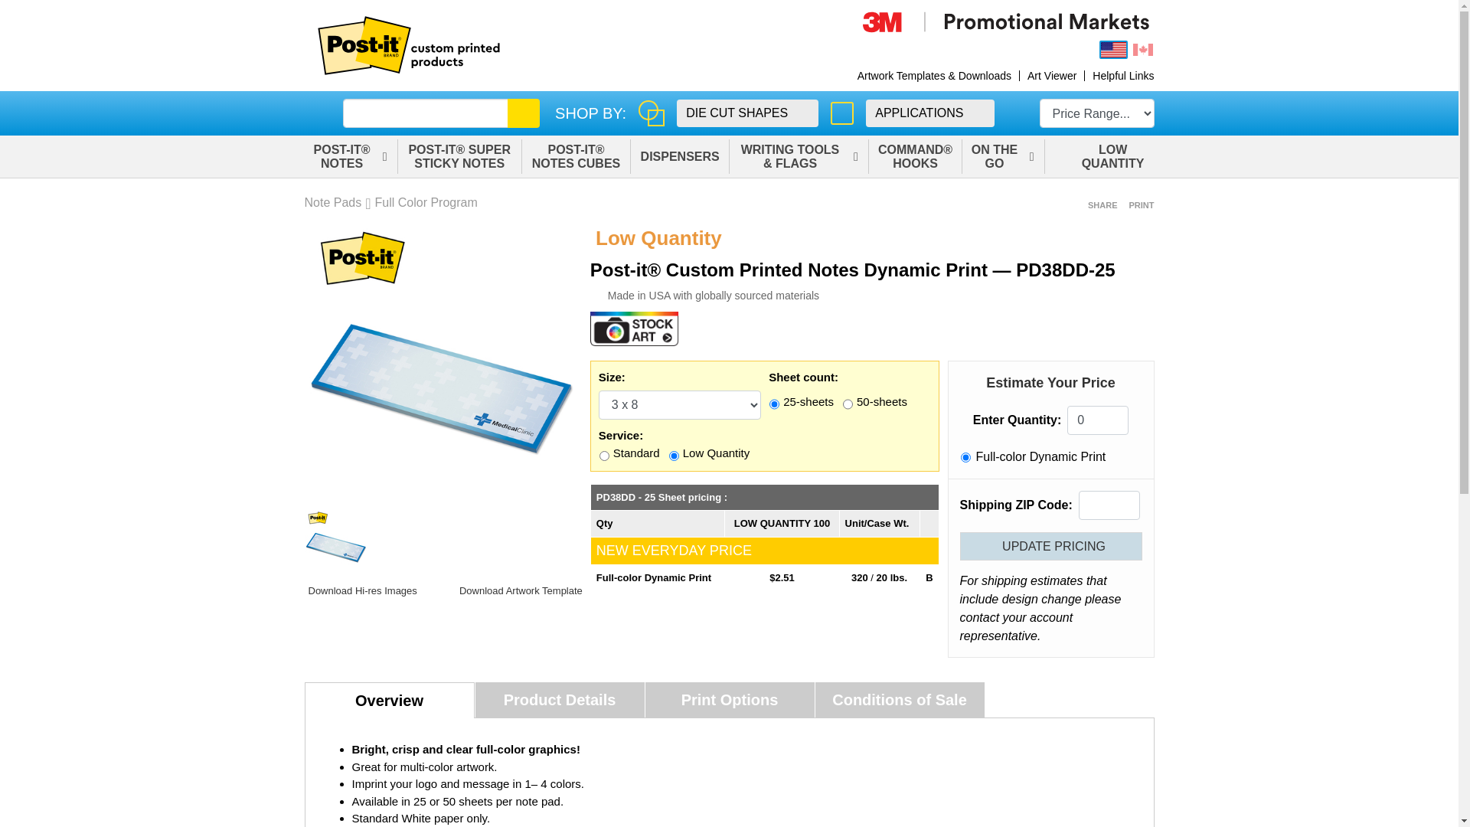 This screenshot has height=827, width=1470. What do you see at coordinates (747, 112) in the screenshot?
I see `'DIE CUT SHAPES'` at bounding box center [747, 112].